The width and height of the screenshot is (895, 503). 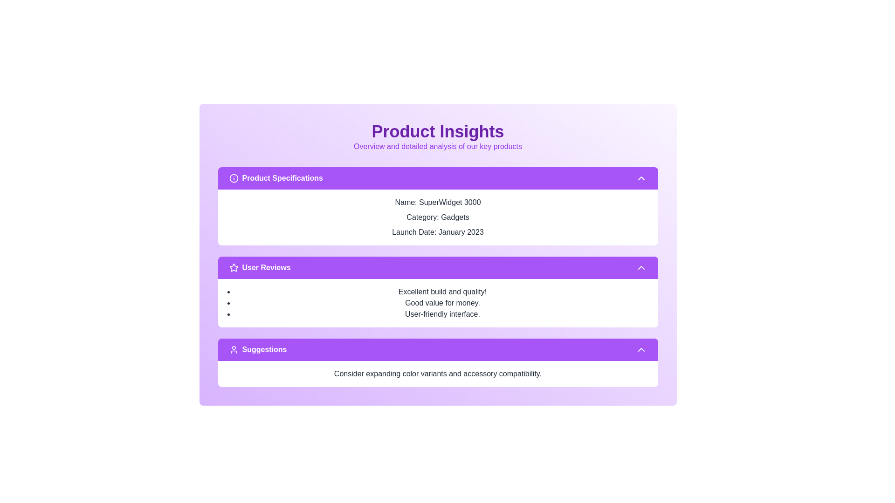 I want to click on text content that states 'Consider expanding color variants and accessory compatibility.' located in the Suggestions section of the interface, so click(x=437, y=373).